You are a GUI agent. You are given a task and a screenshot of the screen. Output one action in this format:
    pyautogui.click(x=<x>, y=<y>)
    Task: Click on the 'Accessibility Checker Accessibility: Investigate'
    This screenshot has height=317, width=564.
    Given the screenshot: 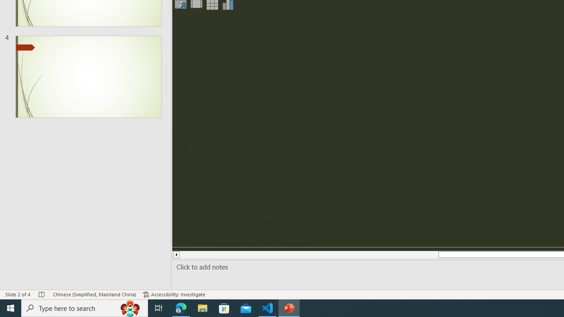 What is the action you would take?
    pyautogui.click(x=174, y=295)
    